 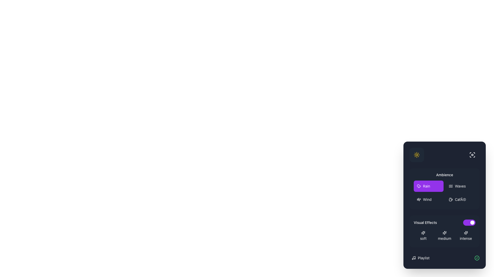 What do you see at coordinates (444, 233) in the screenshot?
I see `the 'medium' intensity preset icon in the Visual Effects section` at bounding box center [444, 233].